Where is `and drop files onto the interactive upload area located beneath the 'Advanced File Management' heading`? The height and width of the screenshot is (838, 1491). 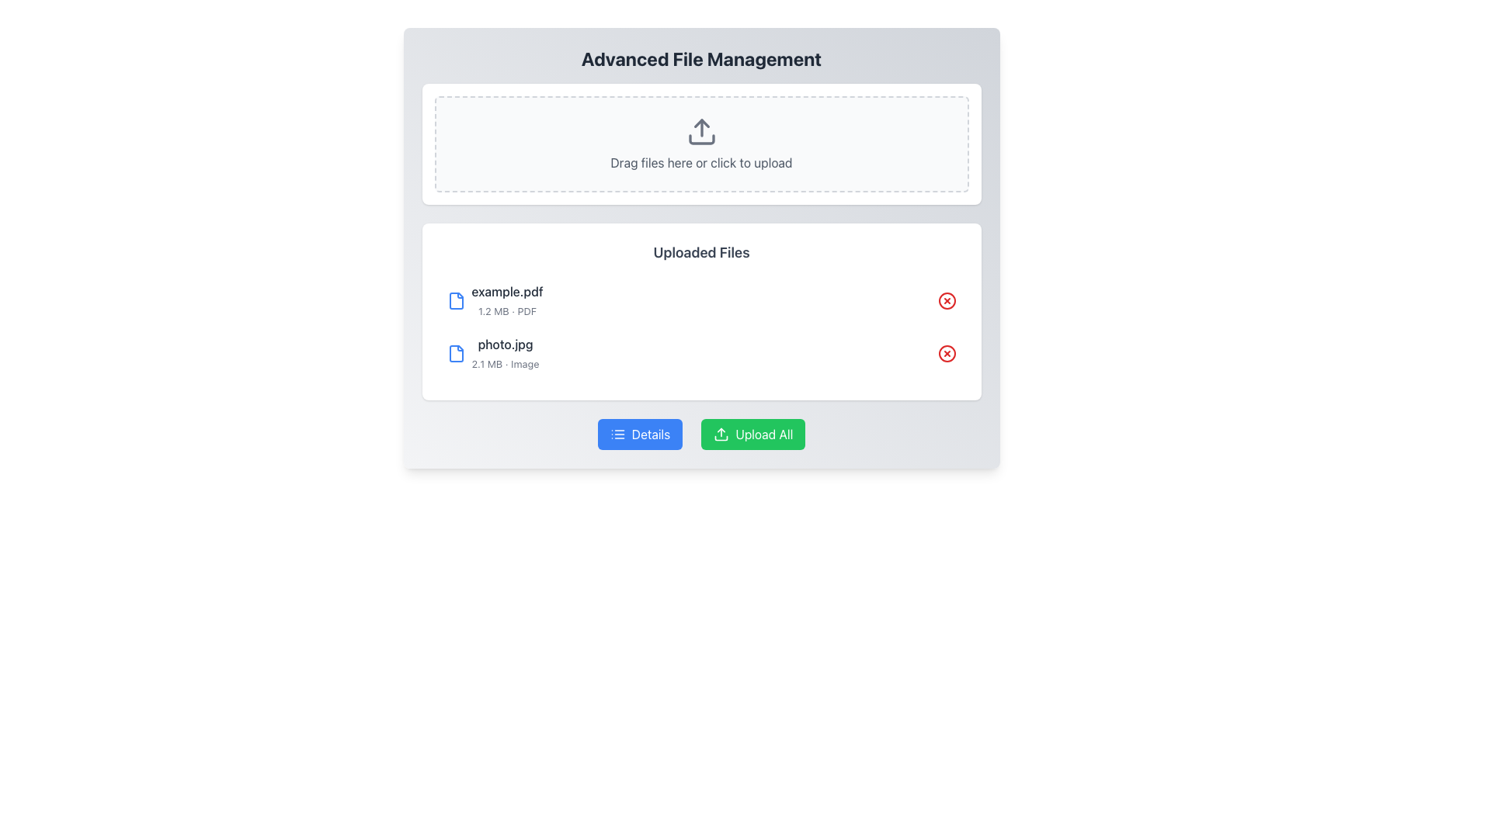
and drop files onto the interactive upload area located beneath the 'Advanced File Management' heading is located at coordinates (700, 144).